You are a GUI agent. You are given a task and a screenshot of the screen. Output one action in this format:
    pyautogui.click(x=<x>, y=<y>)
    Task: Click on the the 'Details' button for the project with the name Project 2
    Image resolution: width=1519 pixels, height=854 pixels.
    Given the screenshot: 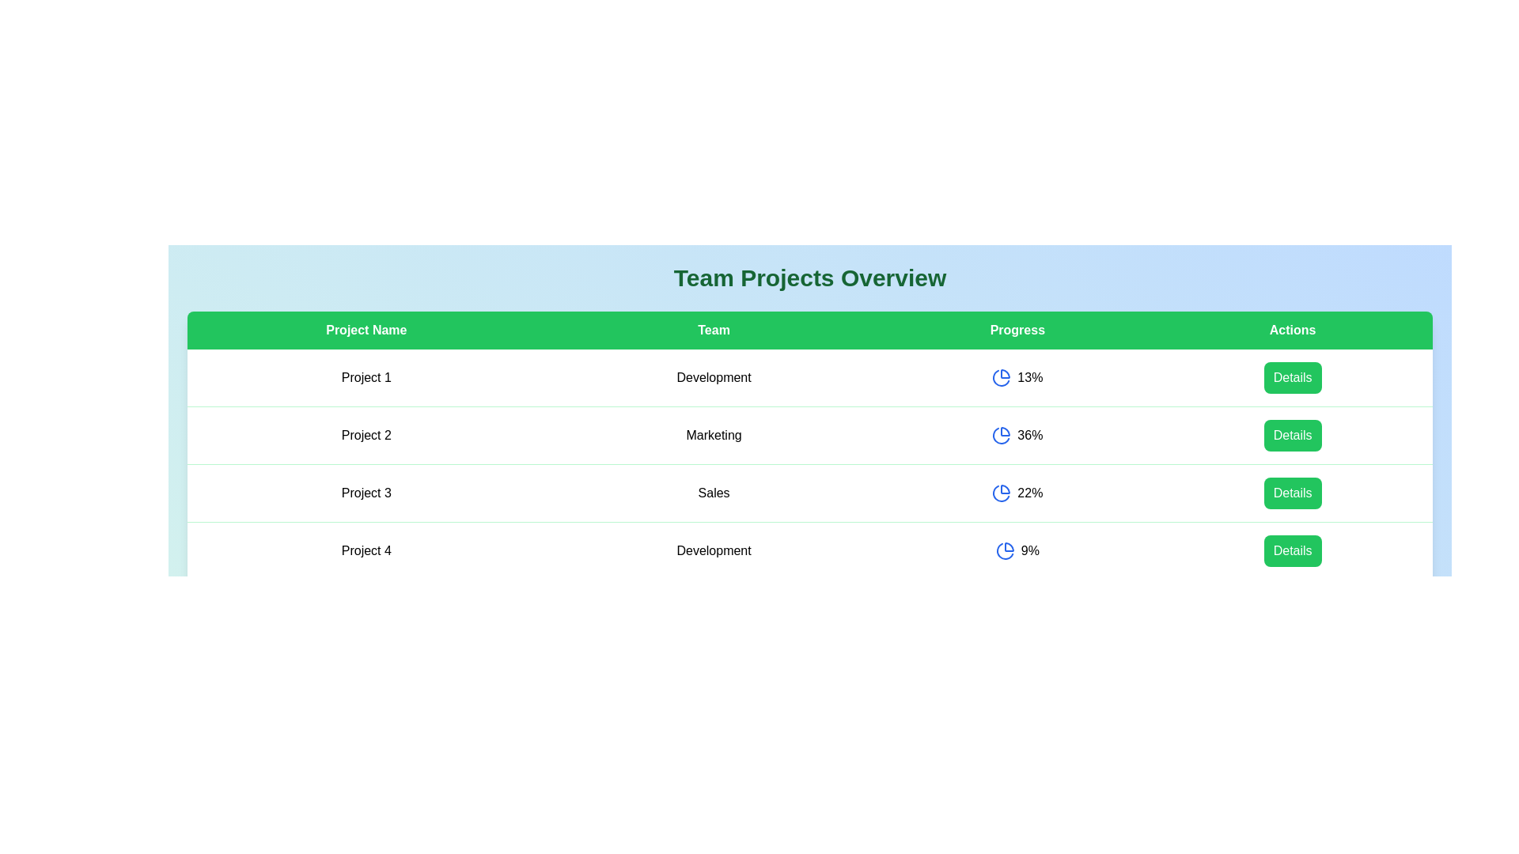 What is the action you would take?
    pyautogui.click(x=1293, y=436)
    